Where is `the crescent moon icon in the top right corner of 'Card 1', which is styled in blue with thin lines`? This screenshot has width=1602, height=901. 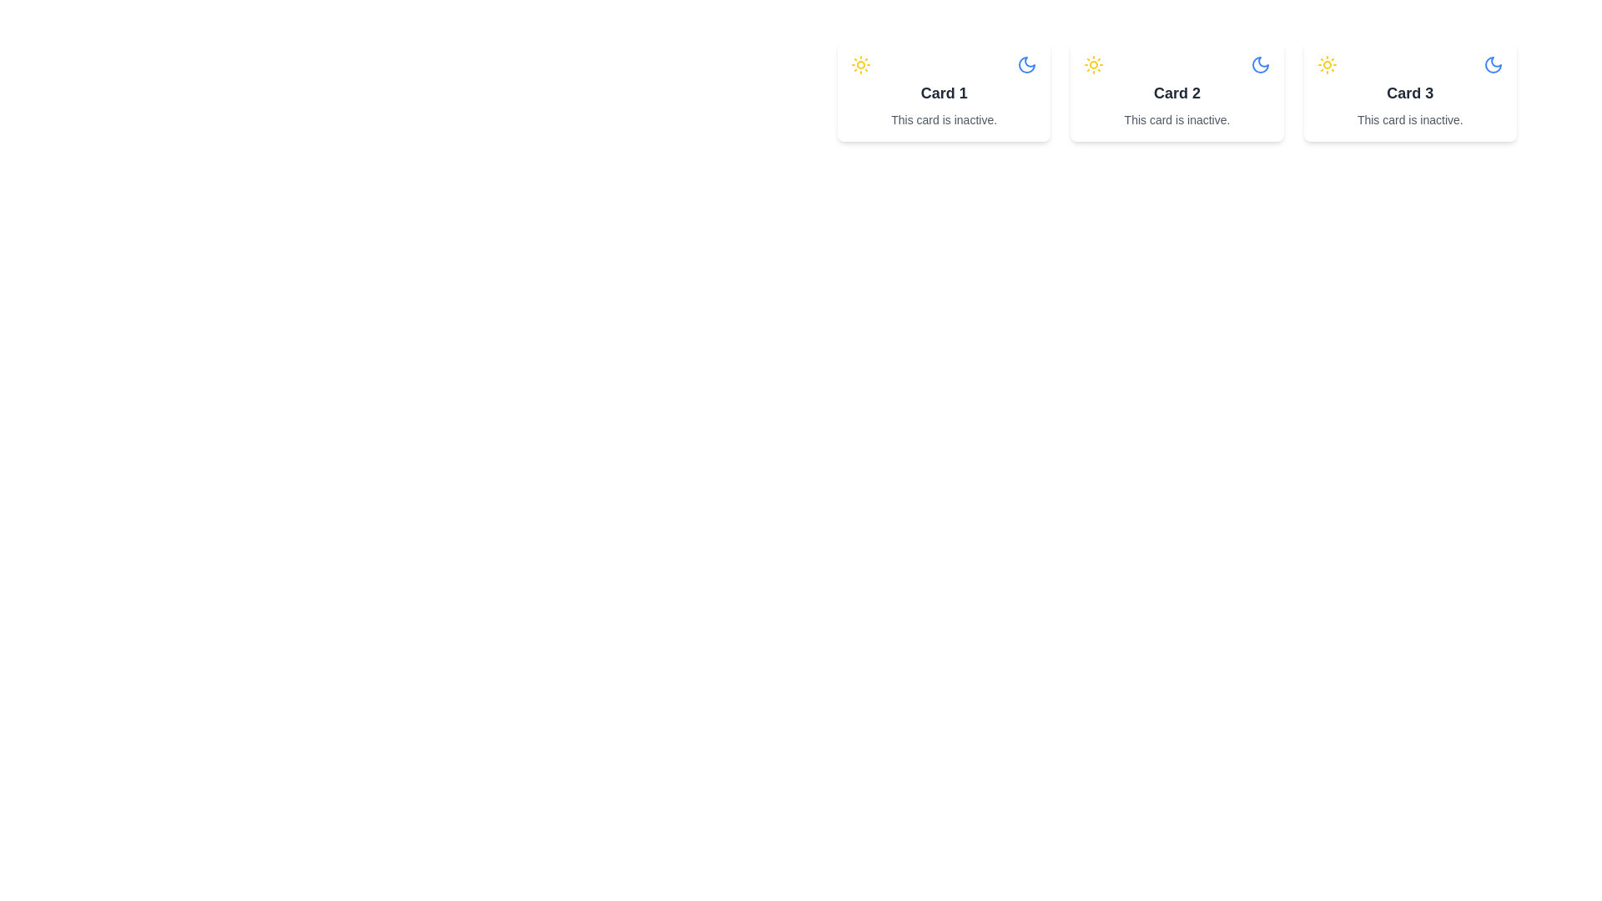 the crescent moon icon in the top right corner of 'Card 1', which is styled in blue with thin lines is located at coordinates (1026, 63).